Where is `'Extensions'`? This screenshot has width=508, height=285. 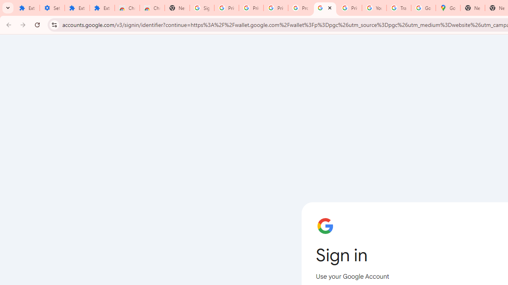
'Extensions' is located at coordinates (77, 8).